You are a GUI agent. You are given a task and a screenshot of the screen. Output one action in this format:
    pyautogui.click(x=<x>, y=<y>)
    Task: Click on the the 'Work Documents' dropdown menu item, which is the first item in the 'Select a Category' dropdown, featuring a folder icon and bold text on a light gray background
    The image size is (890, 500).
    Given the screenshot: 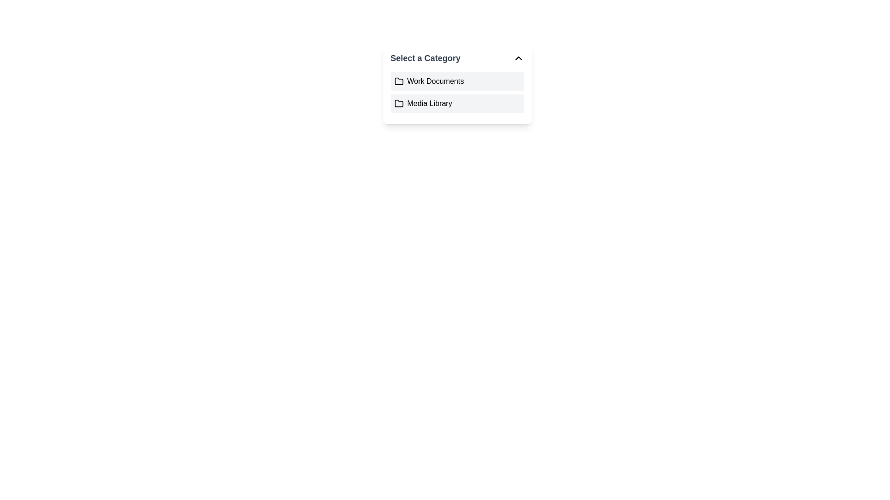 What is the action you would take?
    pyautogui.click(x=457, y=81)
    